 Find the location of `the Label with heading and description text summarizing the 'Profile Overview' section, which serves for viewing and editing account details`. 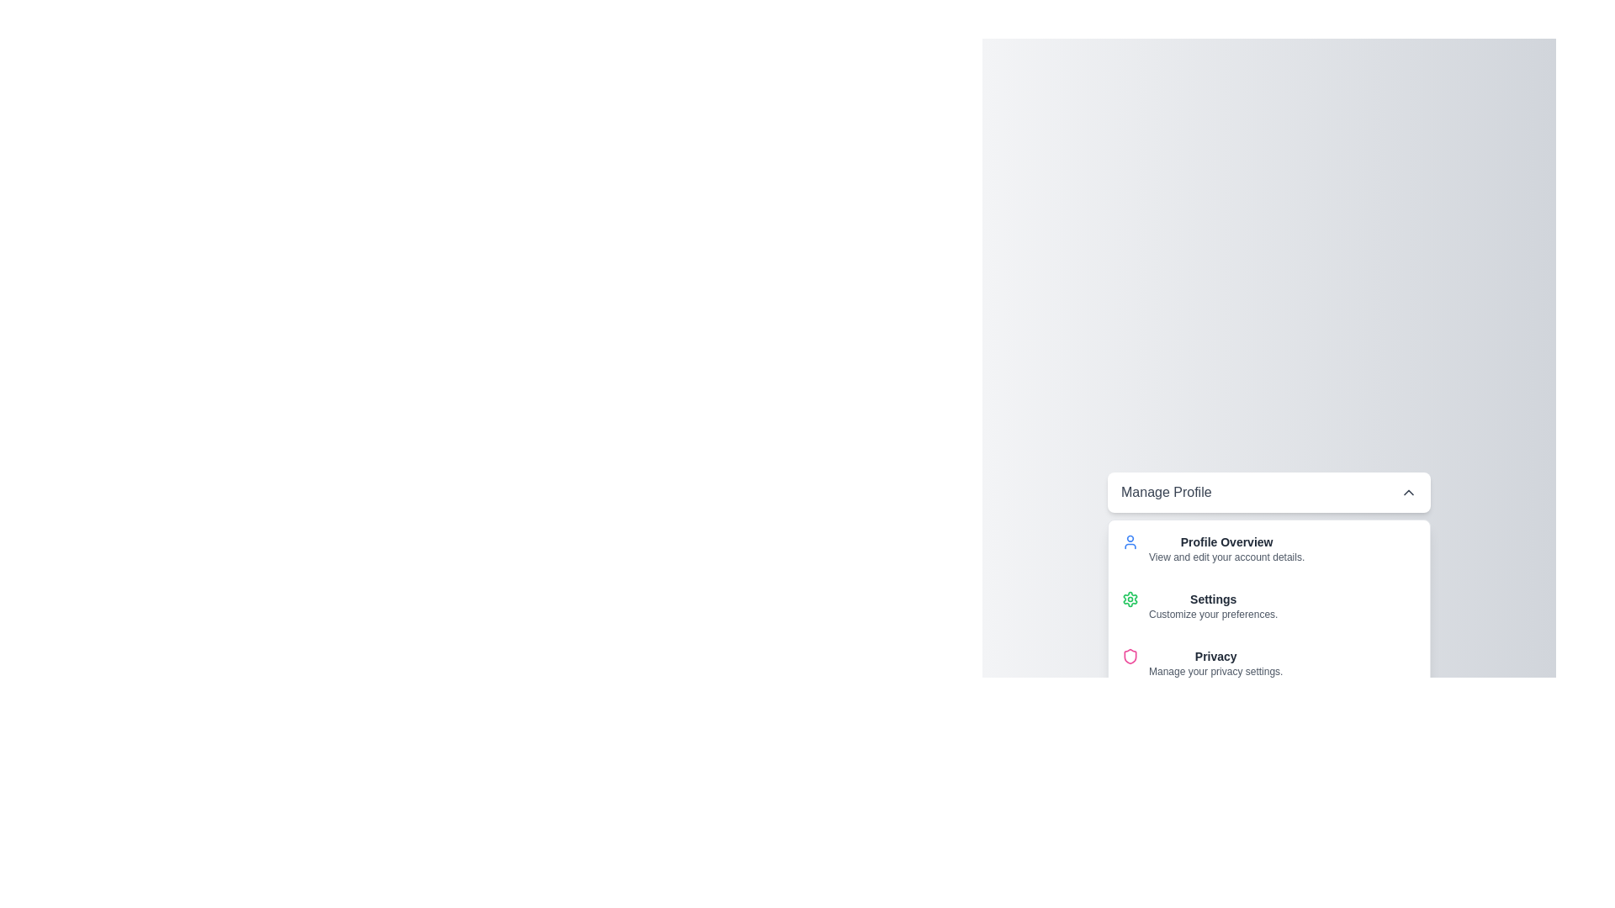

the Label with heading and description text summarizing the 'Profile Overview' section, which serves for viewing and editing account details is located at coordinates (1226, 548).